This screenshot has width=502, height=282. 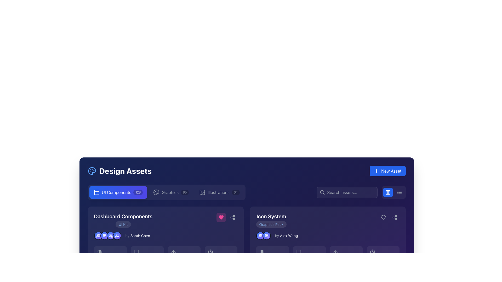 What do you see at coordinates (322, 192) in the screenshot?
I see `the search bar by clicking on the search icon located to the left of the placeholder text 'Search assets...'` at bounding box center [322, 192].